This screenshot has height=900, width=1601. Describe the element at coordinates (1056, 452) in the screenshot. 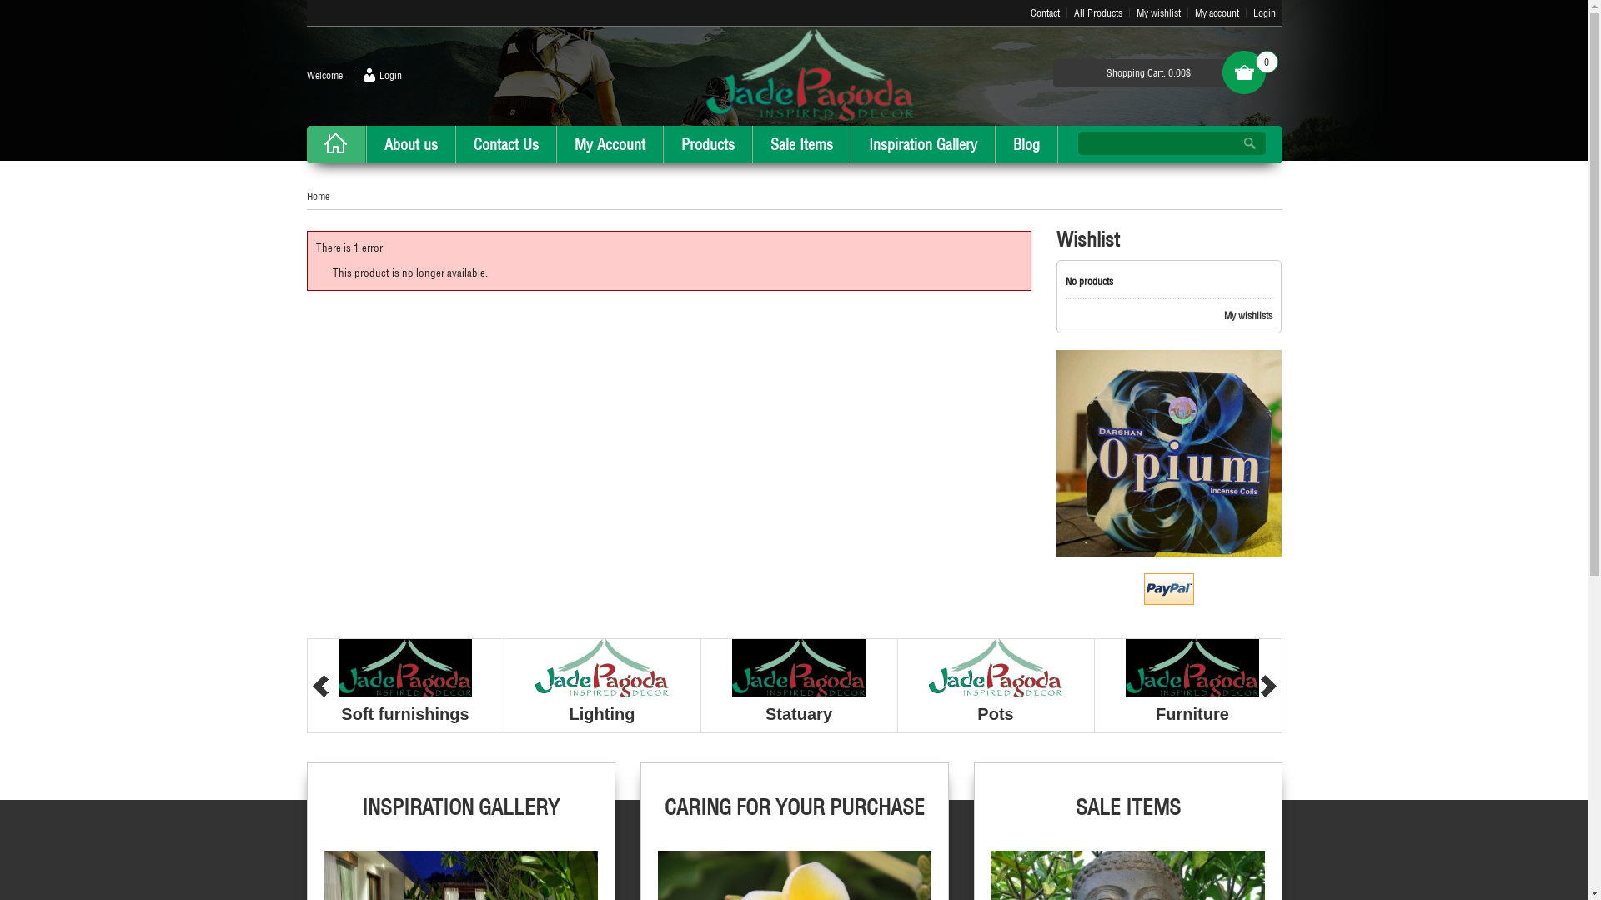

I see `'PrestaShop'` at that location.